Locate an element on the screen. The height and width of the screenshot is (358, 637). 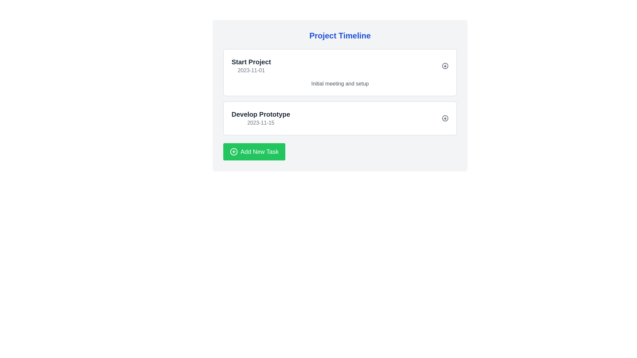
the circular icon with a plus sign at its center, located to the left of the 'Add New Task' button, to trigger a hover effect is located at coordinates (234, 152).